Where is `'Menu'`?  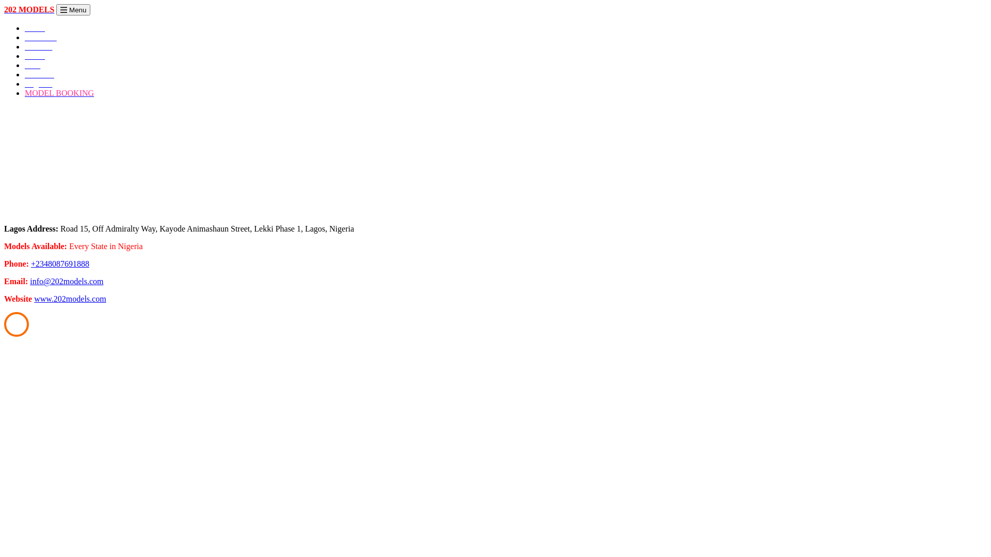 'Menu' is located at coordinates (73, 10).